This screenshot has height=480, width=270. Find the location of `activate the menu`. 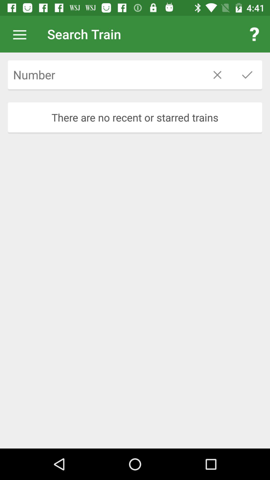

activate the menu is located at coordinates (22, 34).